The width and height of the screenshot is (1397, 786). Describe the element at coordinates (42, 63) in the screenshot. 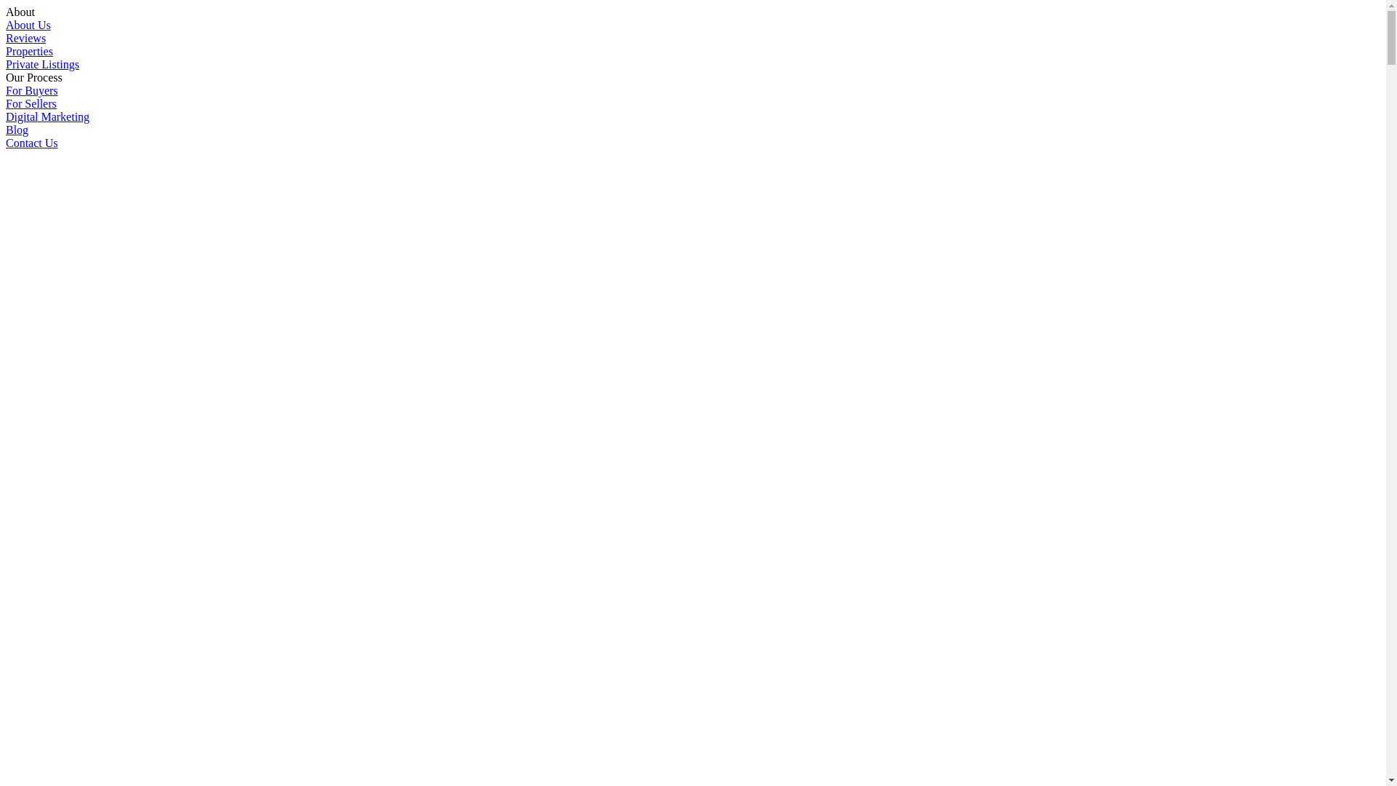

I see `'Private Listings'` at that location.